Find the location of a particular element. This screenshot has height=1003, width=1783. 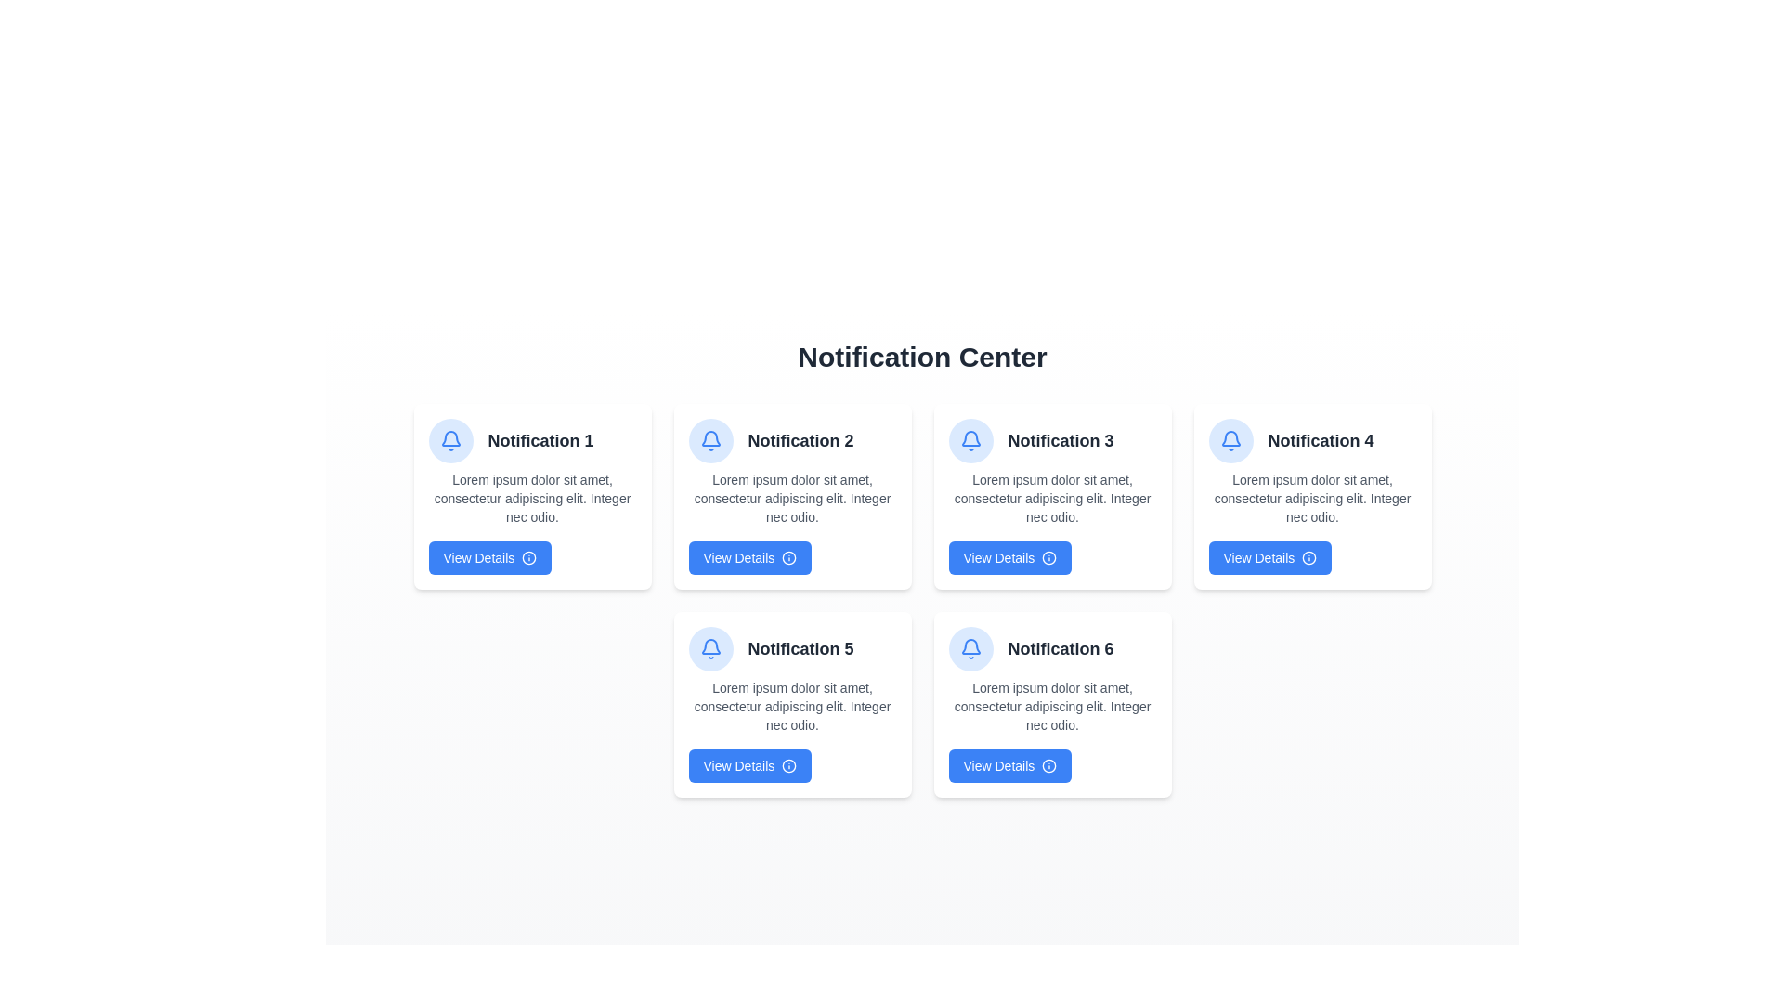

the icon located slightly to the right of the 'View Details' button associated with Notification 2 is located at coordinates (789, 557).